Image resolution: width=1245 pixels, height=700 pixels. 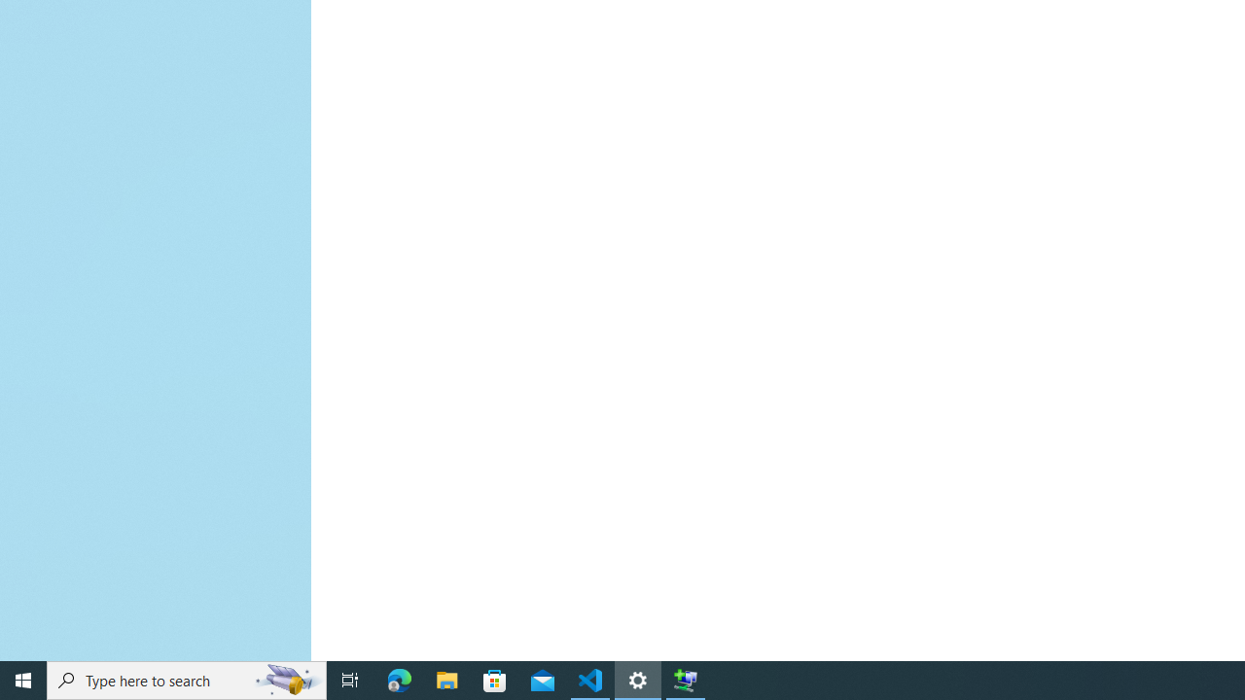 I want to click on 'Settings - 1 running window', so click(x=638, y=679).